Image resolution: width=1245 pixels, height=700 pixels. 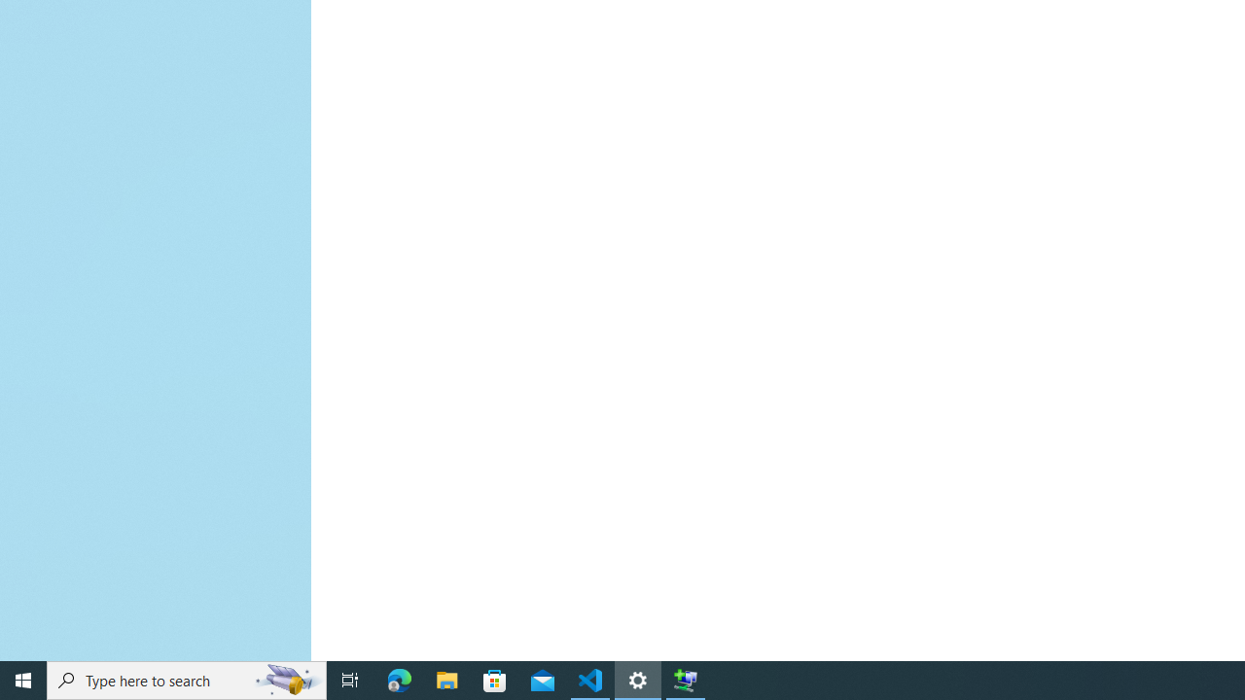 I want to click on 'Settings - 1 running window', so click(x=638, y=679).